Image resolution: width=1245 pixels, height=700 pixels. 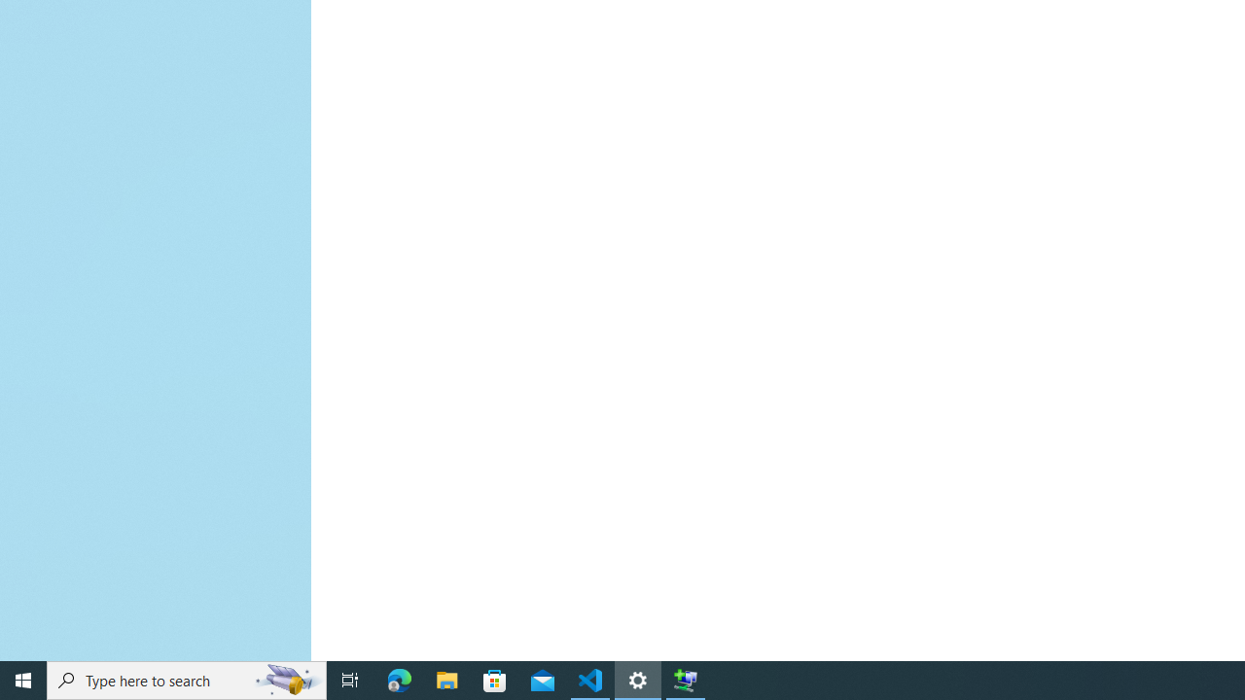 I want to click on 'Settings - 1 running window', so click(x=638, y=679).